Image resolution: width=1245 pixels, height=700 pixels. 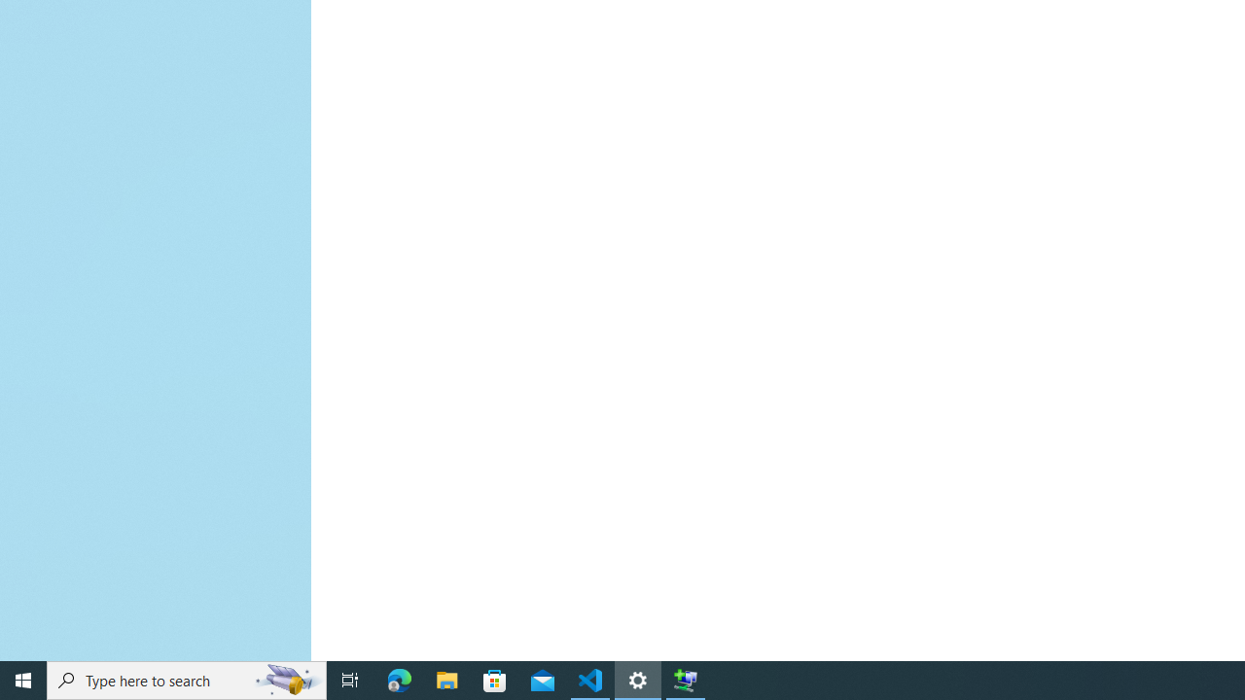 I want to click on 'Settings - 1 running window', so click(x=638, y=679).